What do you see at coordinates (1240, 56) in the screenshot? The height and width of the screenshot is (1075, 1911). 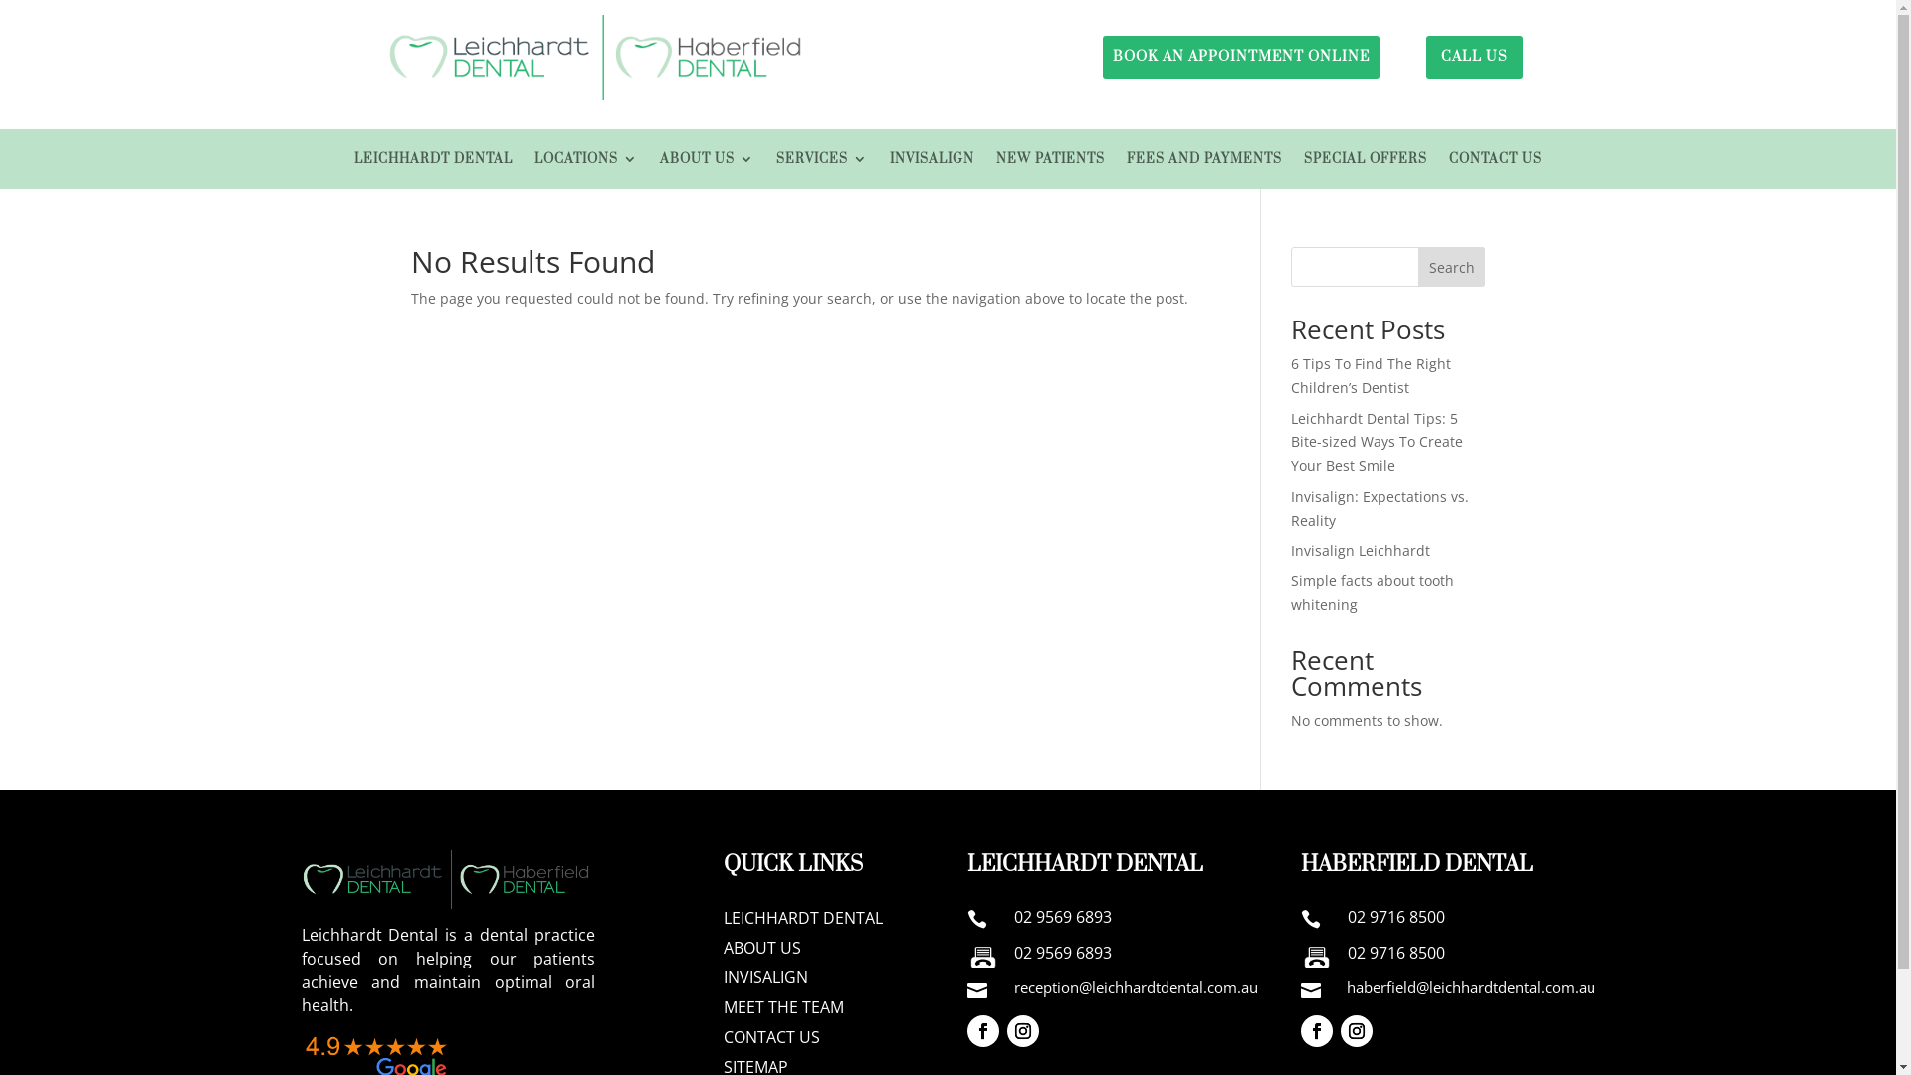 I see `'BOOK AN APPOINTMENT ONLINE'` at bounding box center [1240, 56].